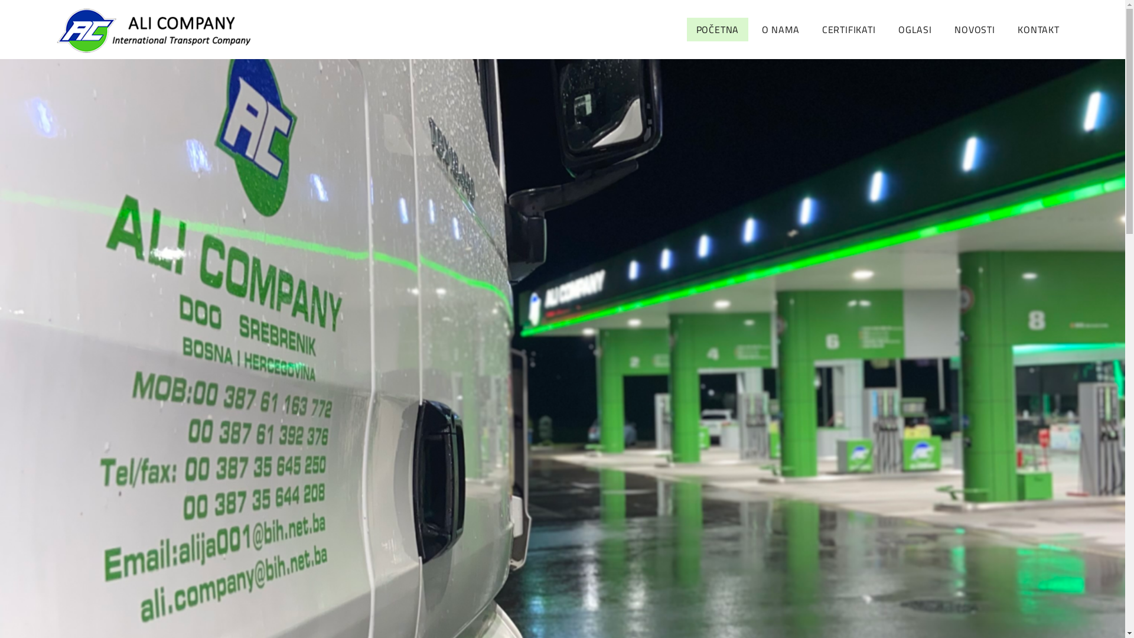 This screenshot has height=638, width=1134. Describe the element at coordinates (780, 29) in the screenshot. I see `'O NAMA'` at that location.